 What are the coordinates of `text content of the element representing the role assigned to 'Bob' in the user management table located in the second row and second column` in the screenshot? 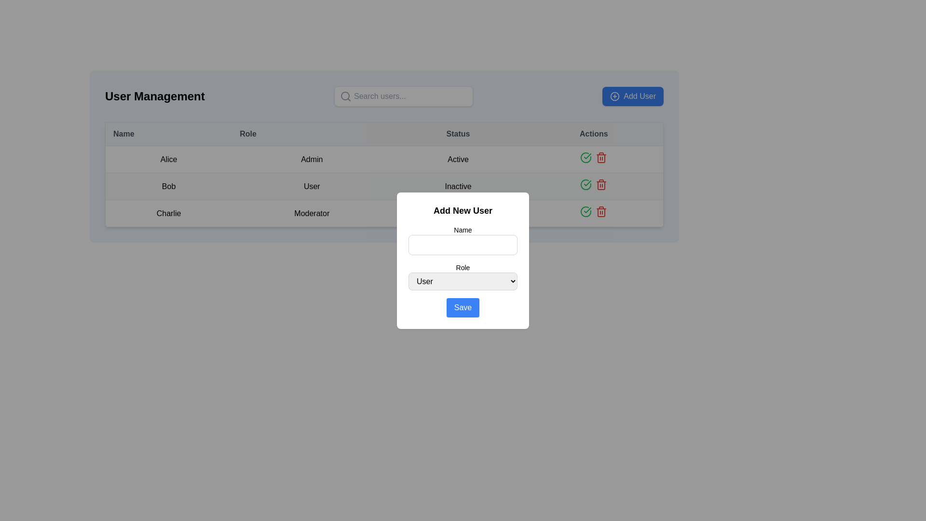 It's located at (312, 186).